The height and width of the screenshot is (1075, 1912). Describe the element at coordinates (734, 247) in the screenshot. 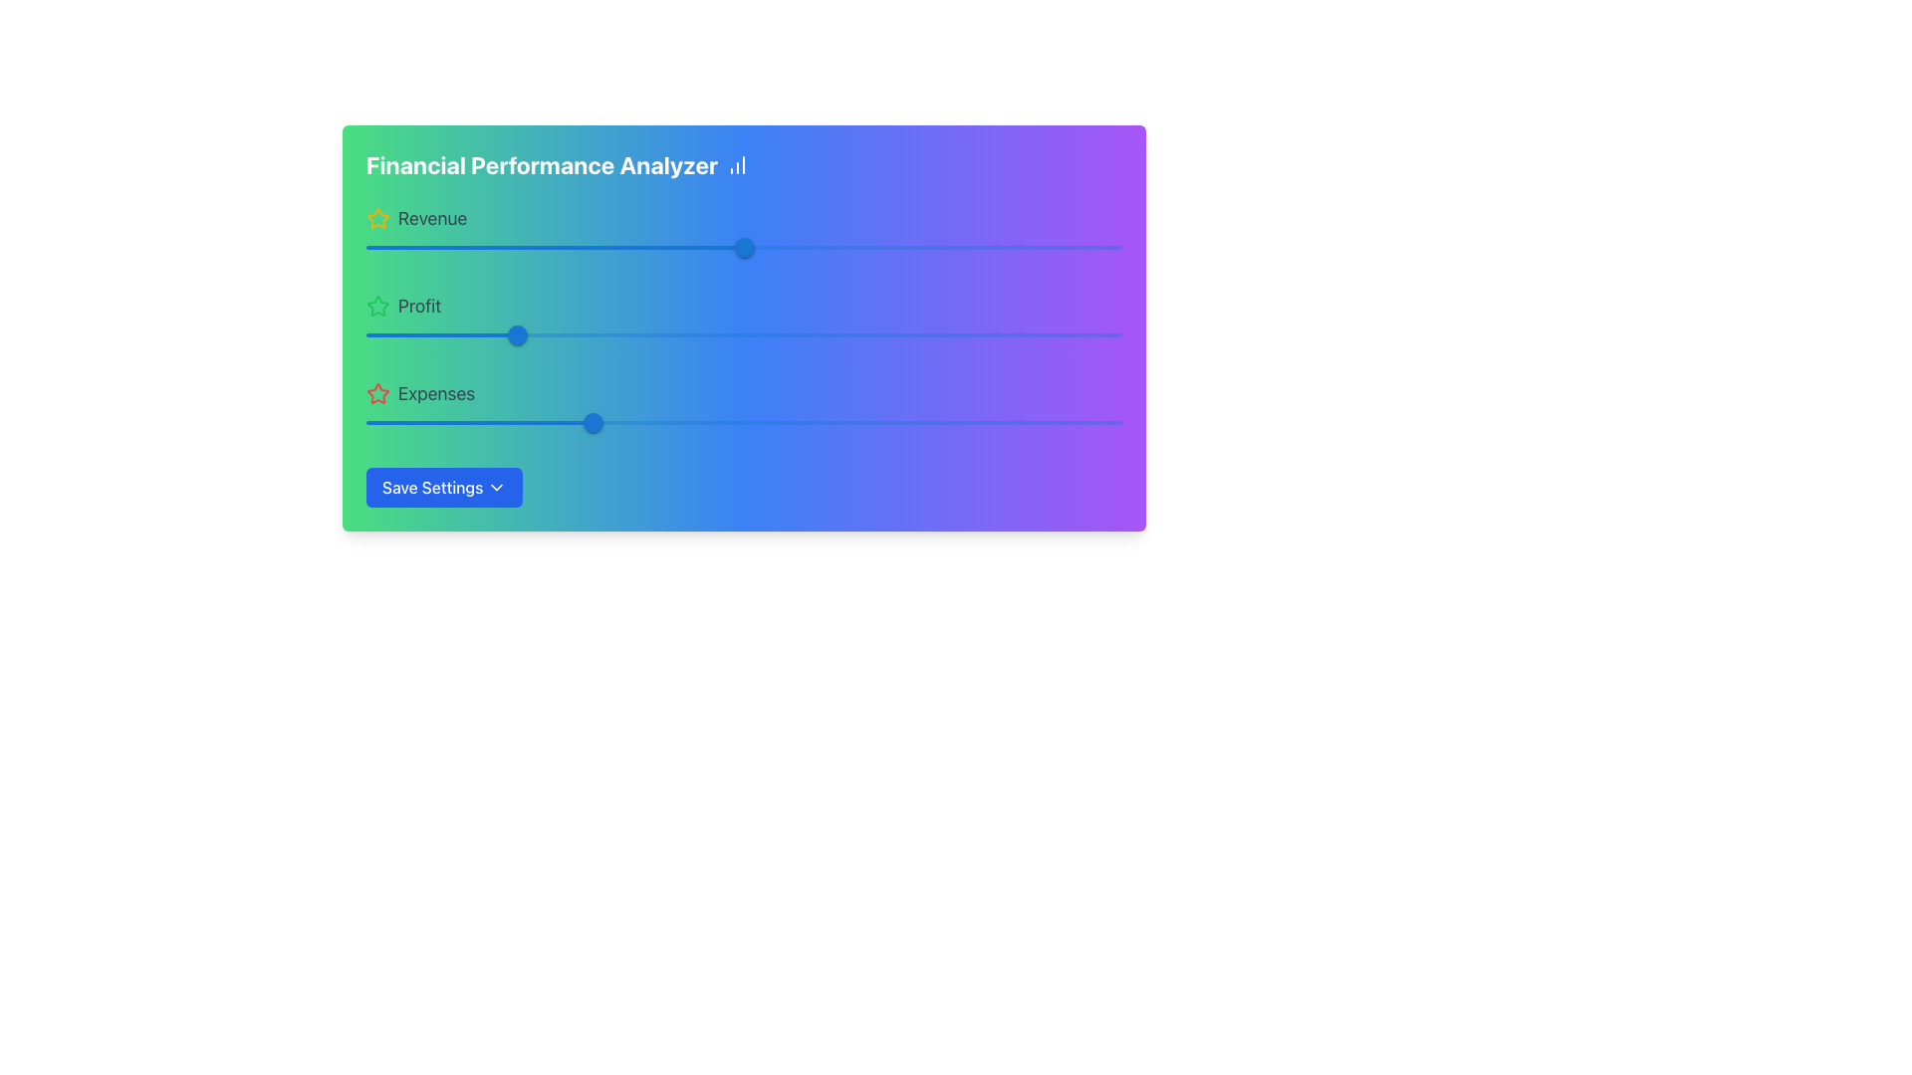

I see `the slider value` at that location.